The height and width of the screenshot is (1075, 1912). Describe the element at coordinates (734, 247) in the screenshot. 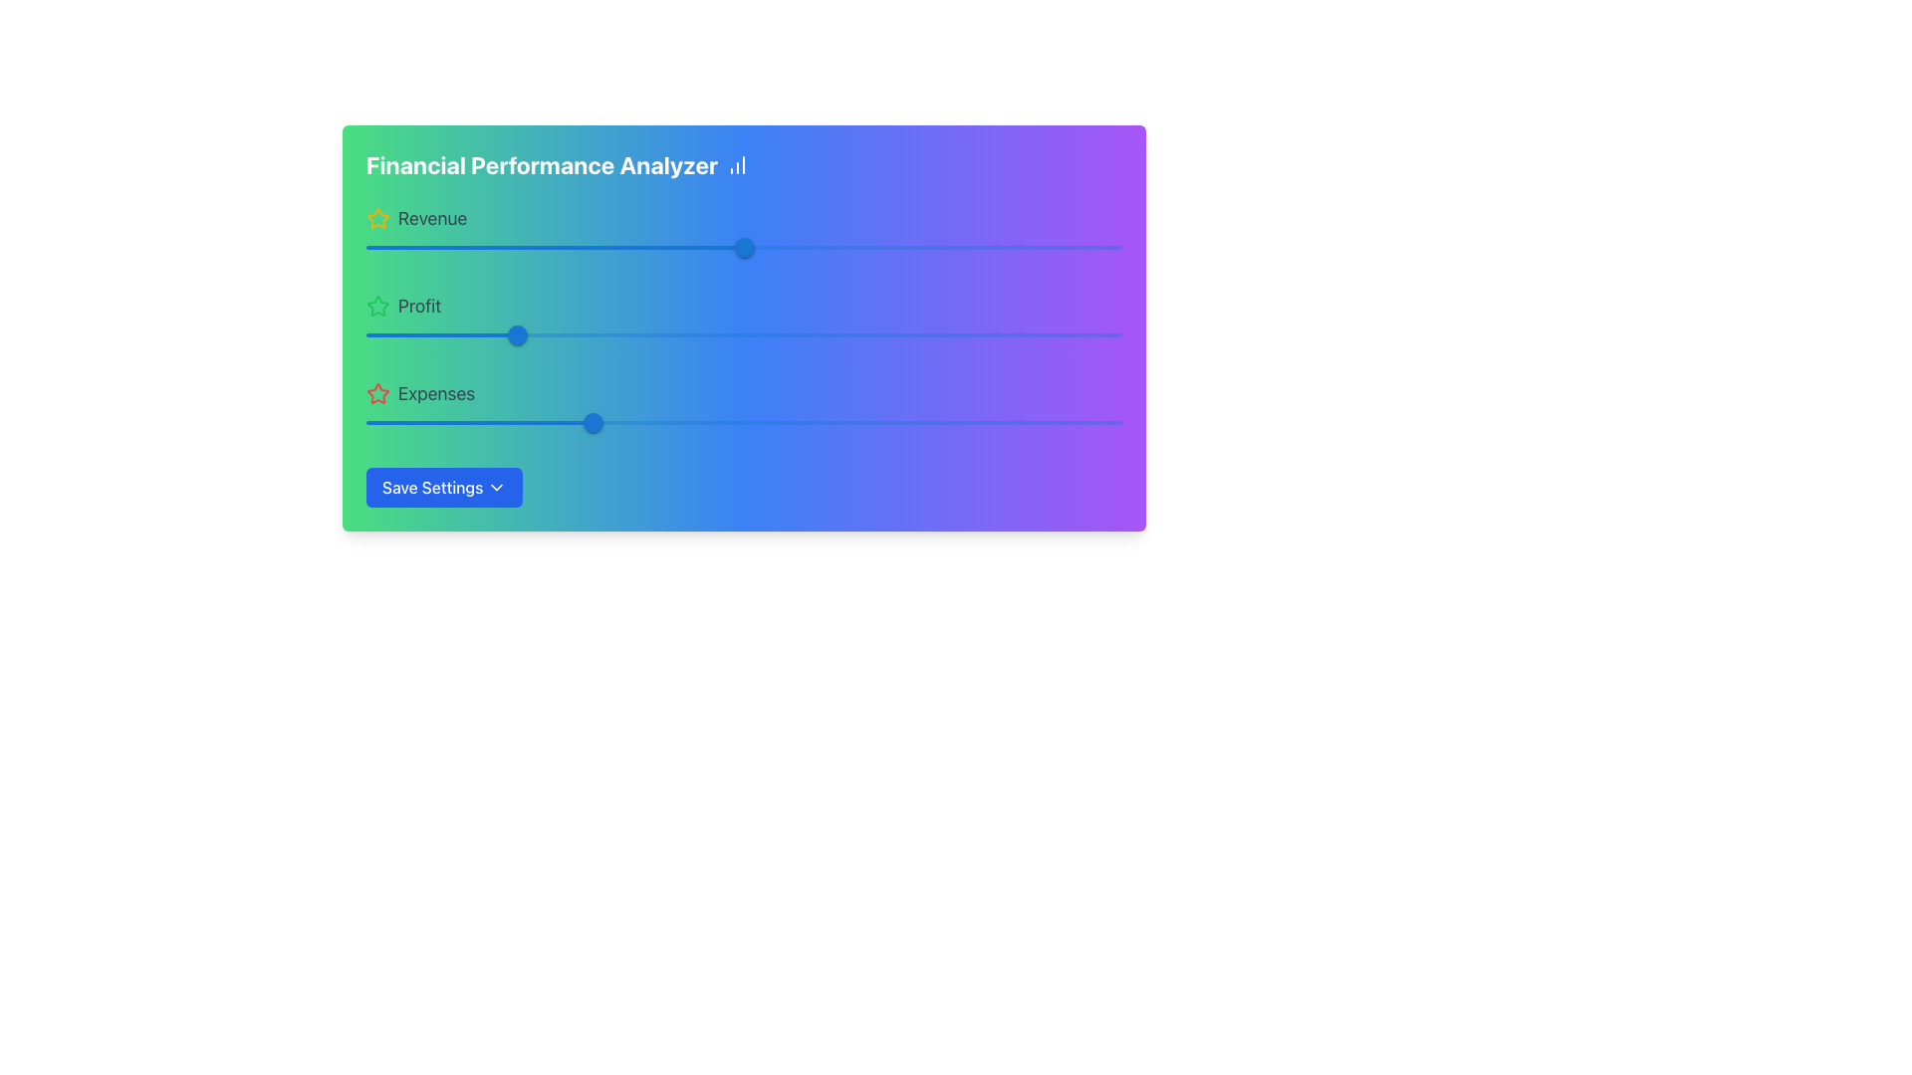

I see `the slider value` at that location.